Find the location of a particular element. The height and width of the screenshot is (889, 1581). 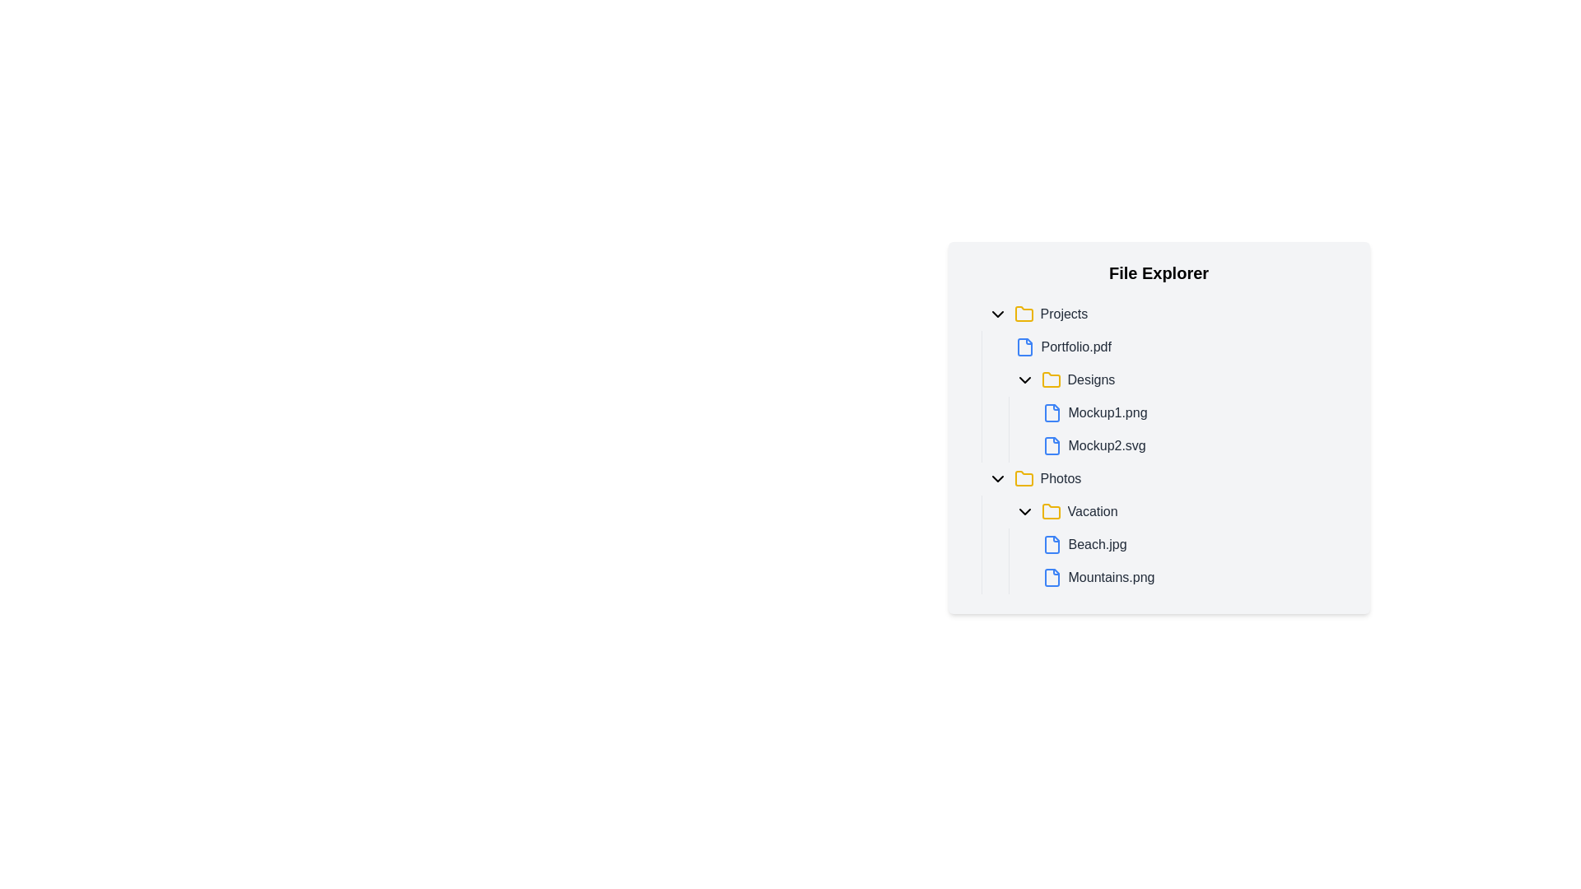

the blue file icon representing 'Mockup2.svg' in the Designs folder within the file explorer interface is located at coordinates (1051, 446).